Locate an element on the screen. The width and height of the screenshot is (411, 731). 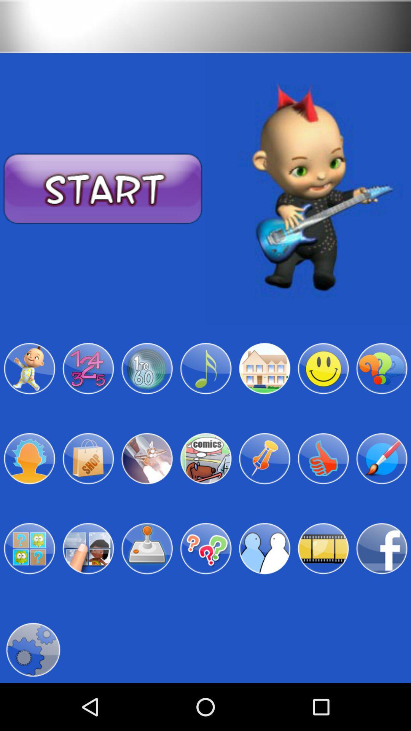
open app is located at coordinates (147, 458).